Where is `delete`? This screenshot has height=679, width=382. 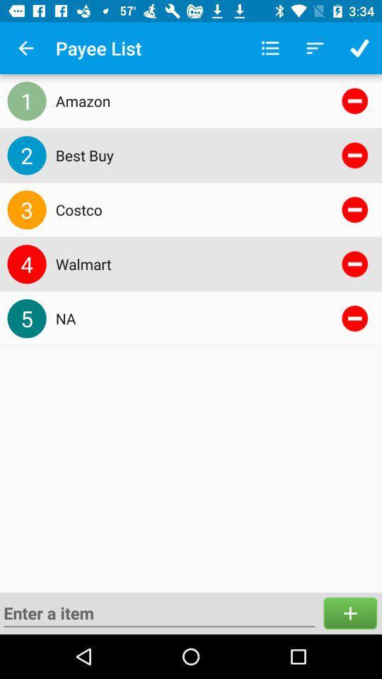 delete is located at coordinates (354, 155).